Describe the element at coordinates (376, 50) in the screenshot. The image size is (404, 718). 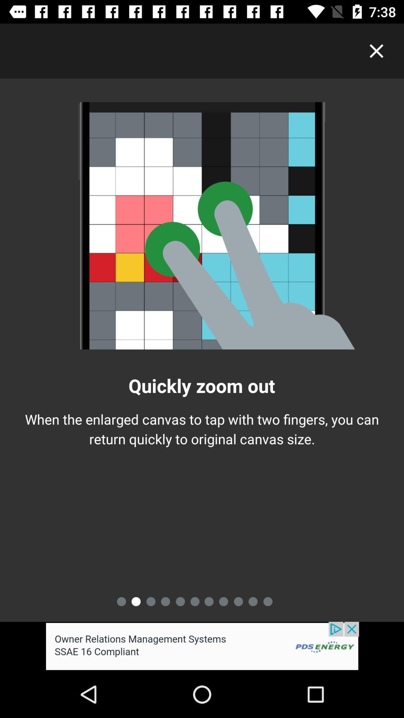
I see `cancel` at that location.